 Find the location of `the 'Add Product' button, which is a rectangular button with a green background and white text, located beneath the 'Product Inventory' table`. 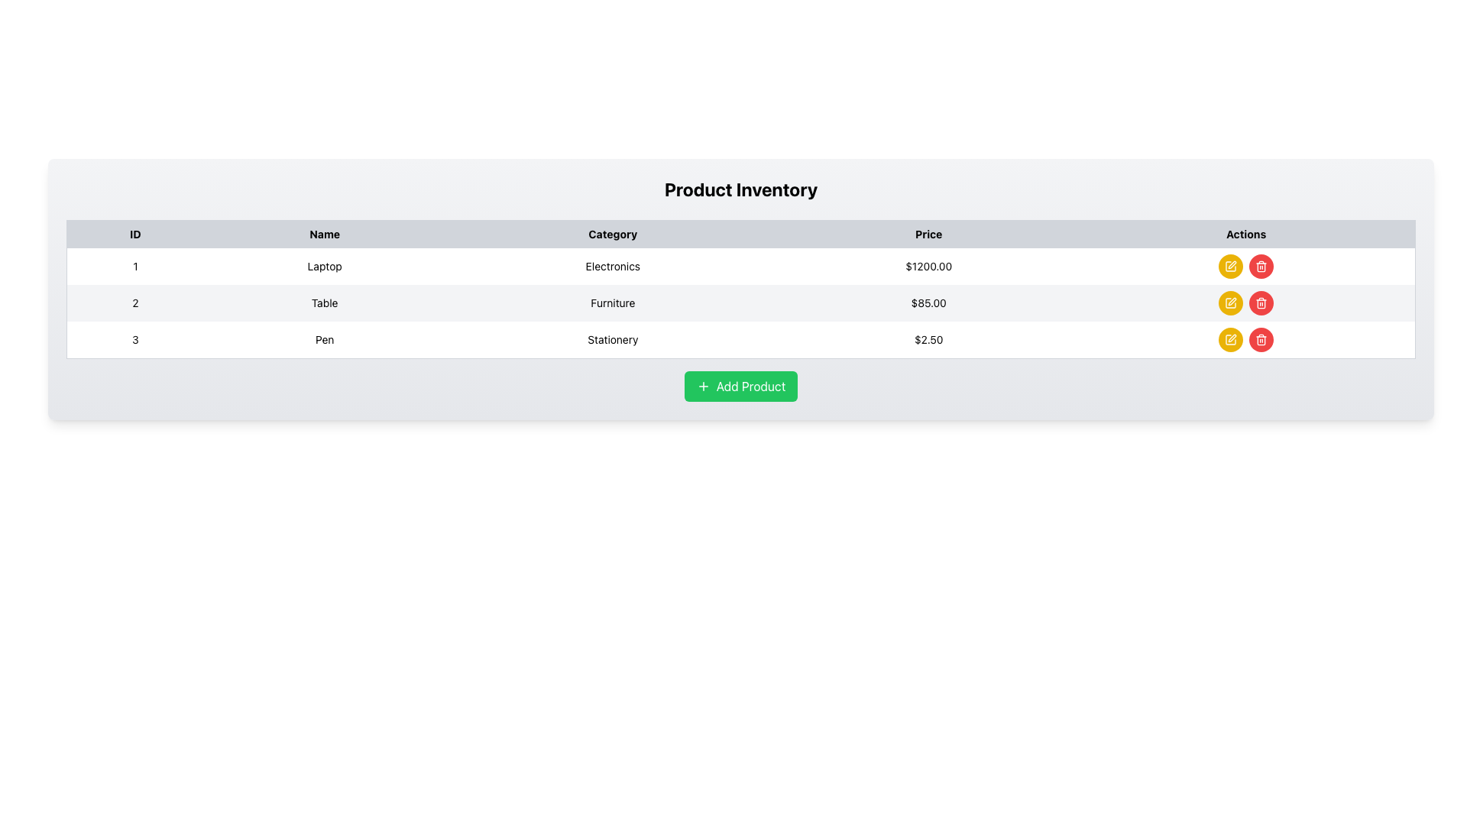

the 'Add Product' button, which is a rectangular button with a green background and white text, located beneath the 'Product Inventory' table is located at coordinates (740, 385).